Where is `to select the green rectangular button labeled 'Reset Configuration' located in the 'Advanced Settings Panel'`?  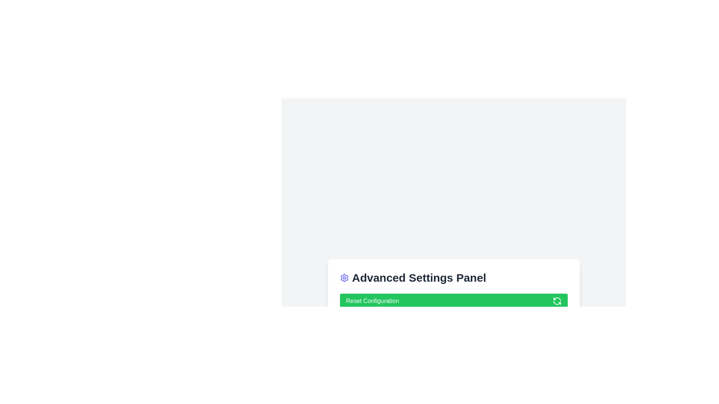 to select the green rectangular button labeled 'Reset Configuration' located in the 'Advanced Settings Panel' is located at coordinates (453, 312).